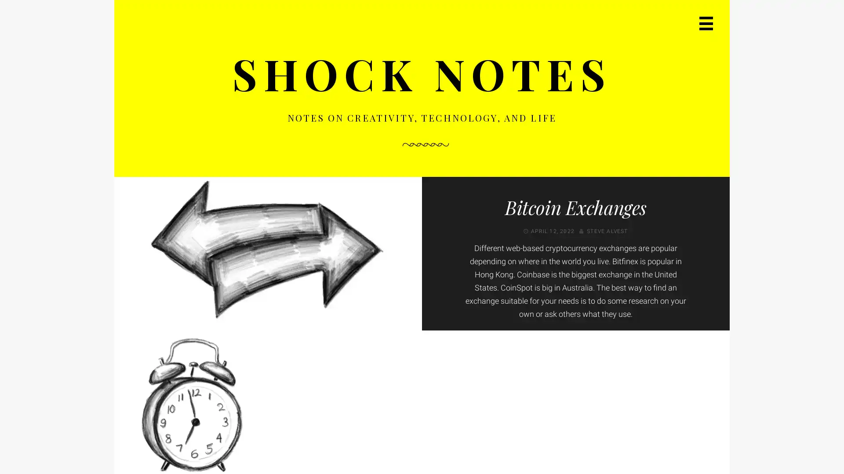  What do you see at coordinates (703, 25) in the screenshot?
I see `Primary Navigation Menu` at bounding box center [703, 25].